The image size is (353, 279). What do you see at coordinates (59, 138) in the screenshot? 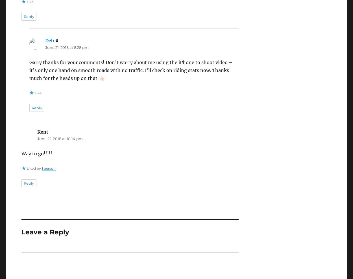
I see `'June 22, 2018 at 10:14 pm'` at bounding box center [59, 138].